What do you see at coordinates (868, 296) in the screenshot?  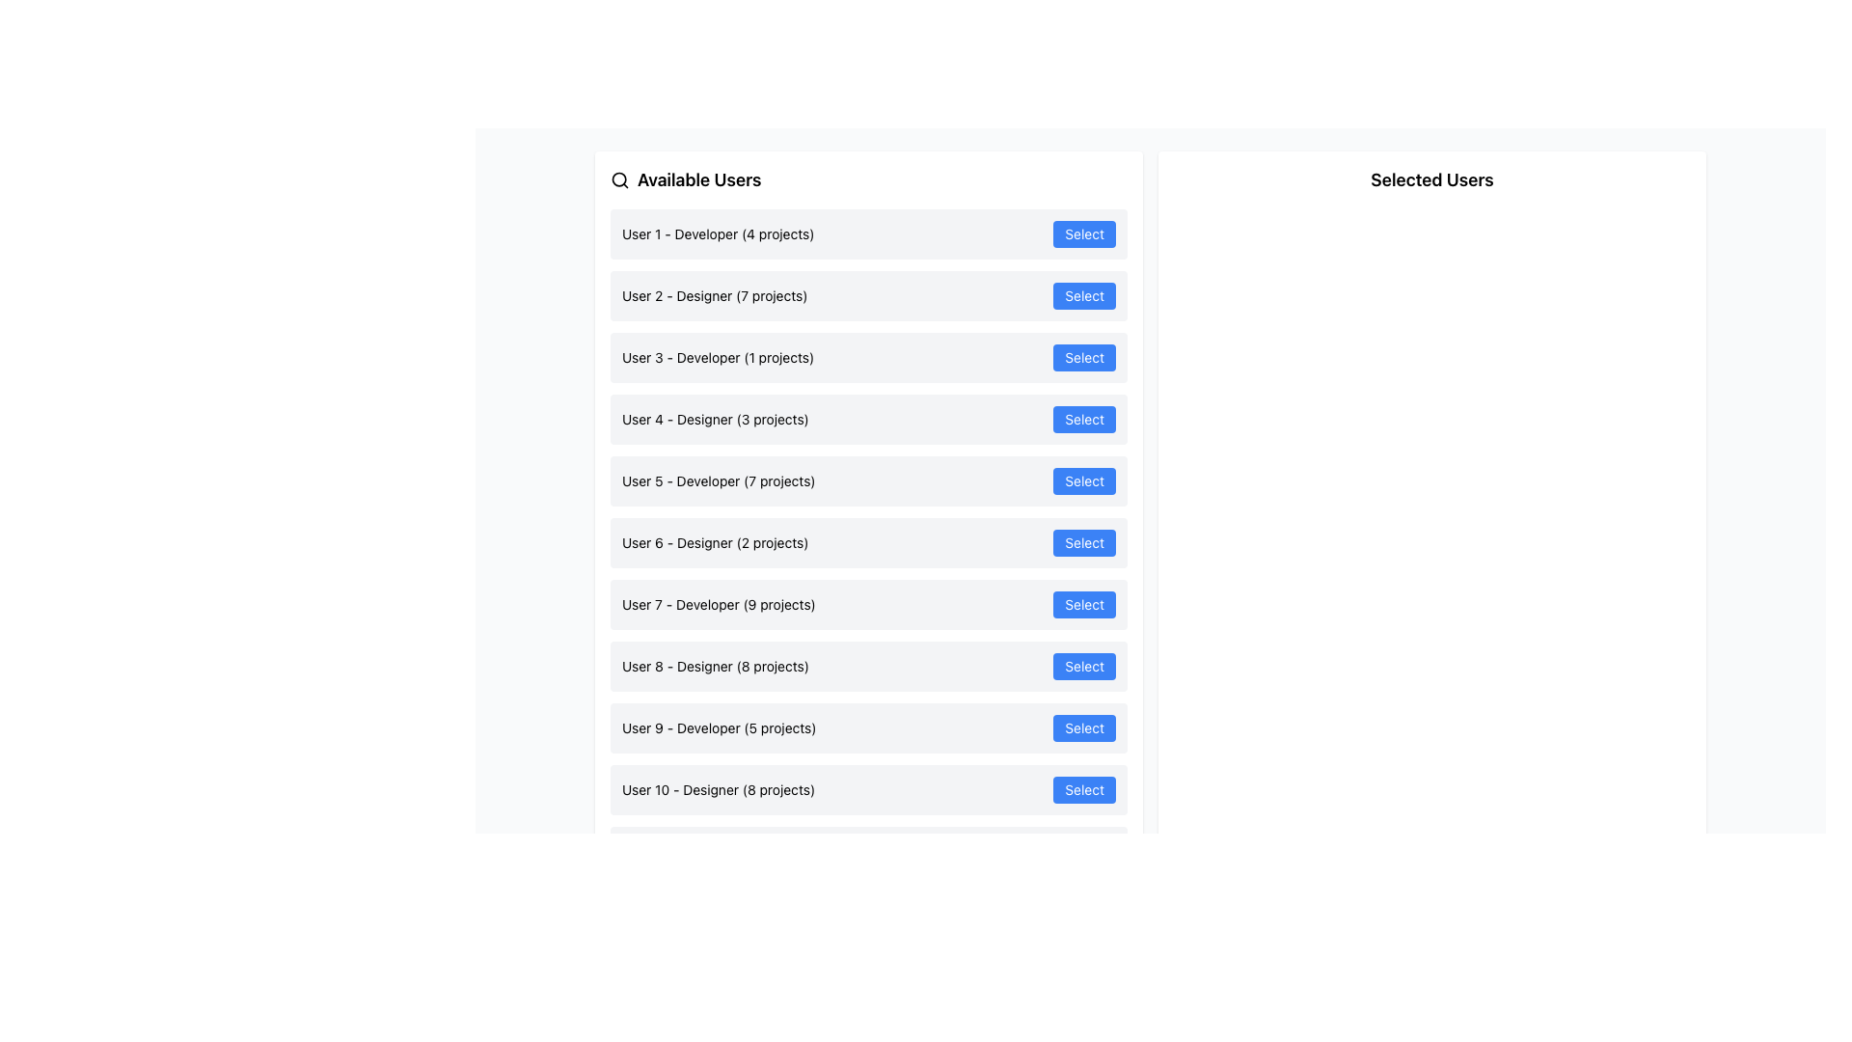 I see `the second List Item displaying information about 'User 2'` at bounding box center [868, 296].